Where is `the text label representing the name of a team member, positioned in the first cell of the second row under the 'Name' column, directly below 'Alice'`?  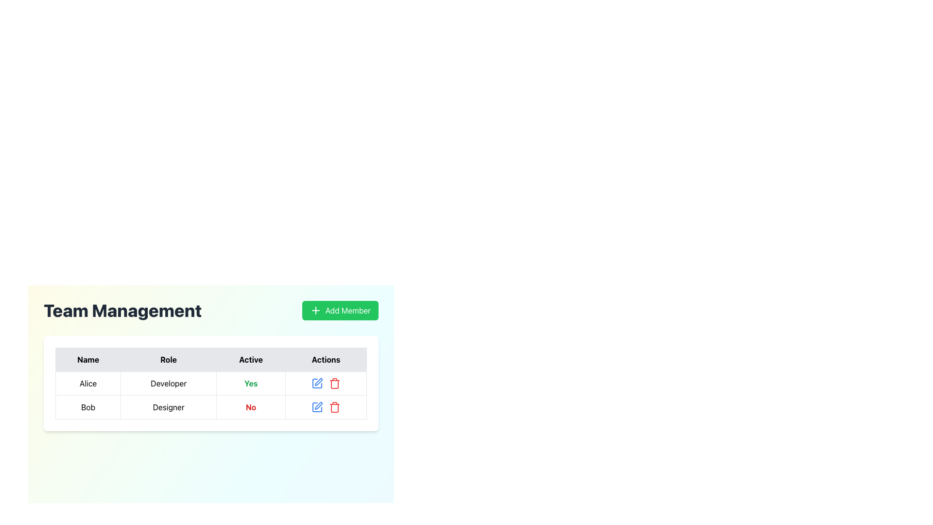 the text label representing the name of a team member, positioned in the first cell of the second row under the 'Name' column, directly below 'Alice' is located at coordinates (88, 407).